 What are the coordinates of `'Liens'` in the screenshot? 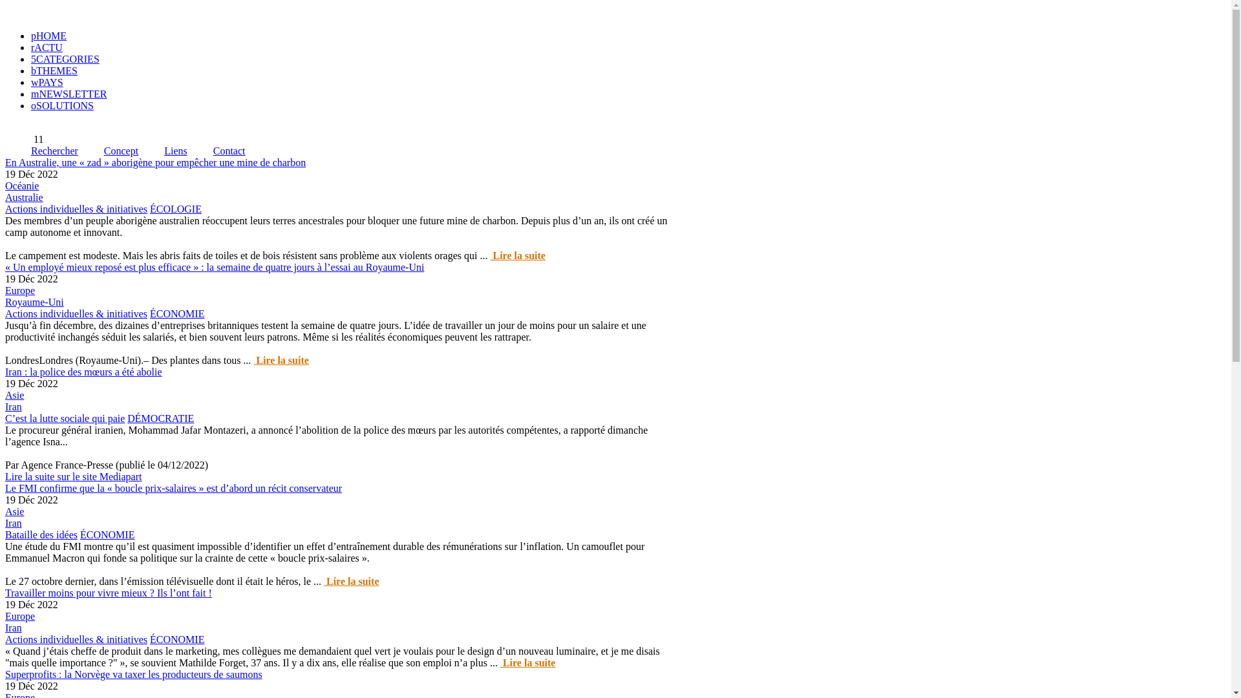 It's located at (162, 150).